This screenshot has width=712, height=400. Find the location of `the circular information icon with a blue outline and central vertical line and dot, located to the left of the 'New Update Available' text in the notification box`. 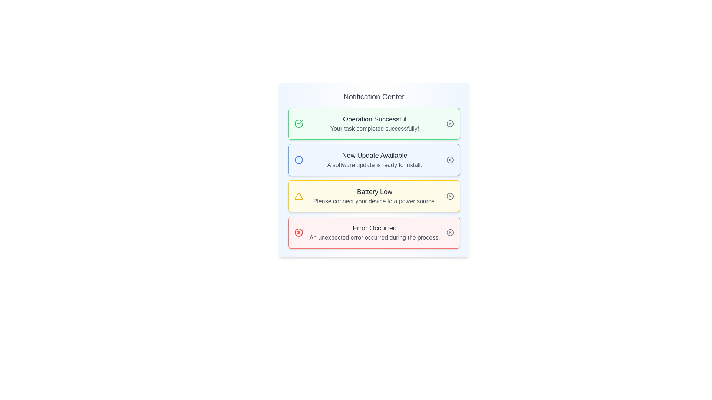

the circular information icon with a blue outline and central vertical line and dot, located to the left of the 'New Update Available' text in the notification box is located at coordinates (299, 160).